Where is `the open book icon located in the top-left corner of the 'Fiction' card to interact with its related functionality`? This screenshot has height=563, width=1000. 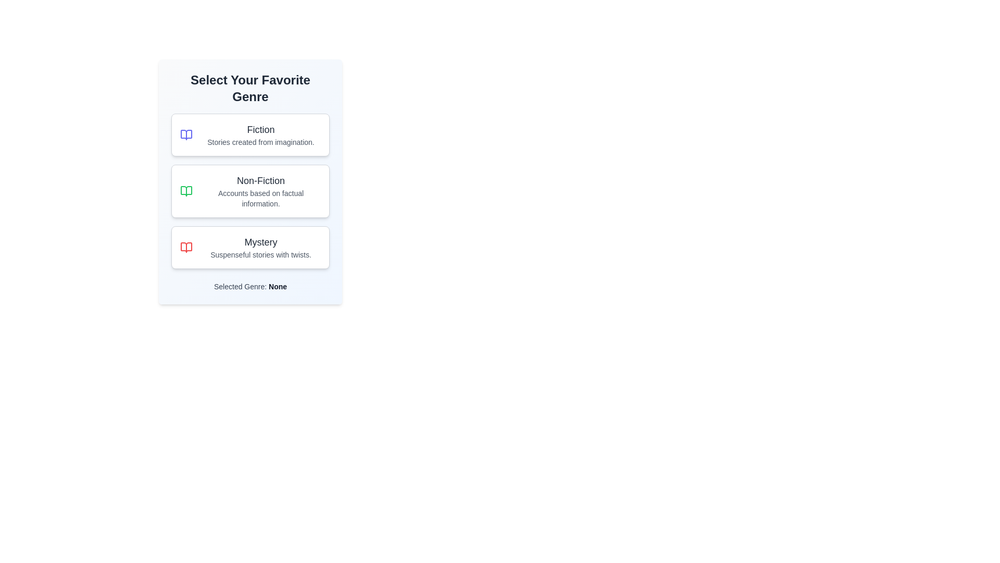
the open book icon located in the top-left corner of the 'Fiction' card to interact with its related functionality is located at coordinates (186, 134).